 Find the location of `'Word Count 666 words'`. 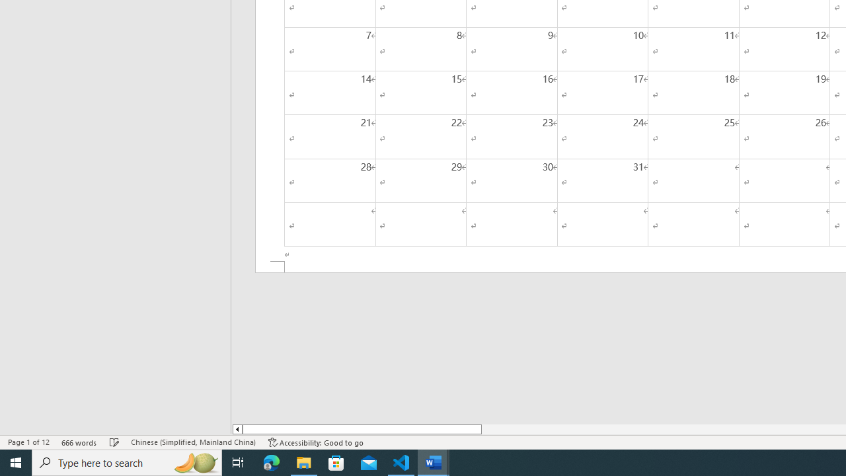

'Word Count 666 words' is located at coordinates (79, 442).